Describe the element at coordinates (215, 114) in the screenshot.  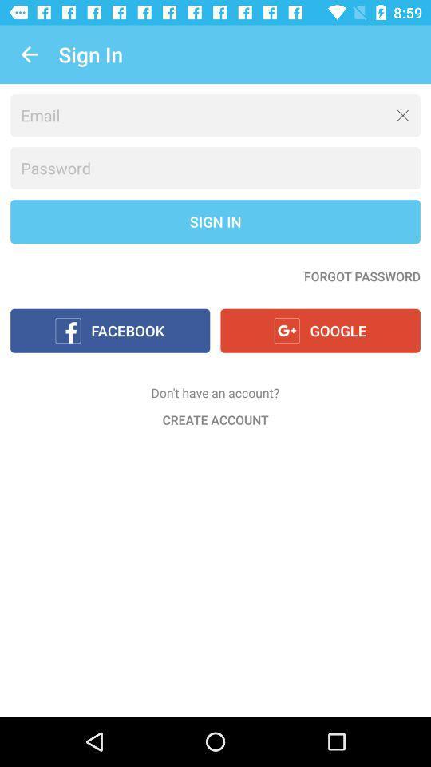
I see `input your email address` at that location.